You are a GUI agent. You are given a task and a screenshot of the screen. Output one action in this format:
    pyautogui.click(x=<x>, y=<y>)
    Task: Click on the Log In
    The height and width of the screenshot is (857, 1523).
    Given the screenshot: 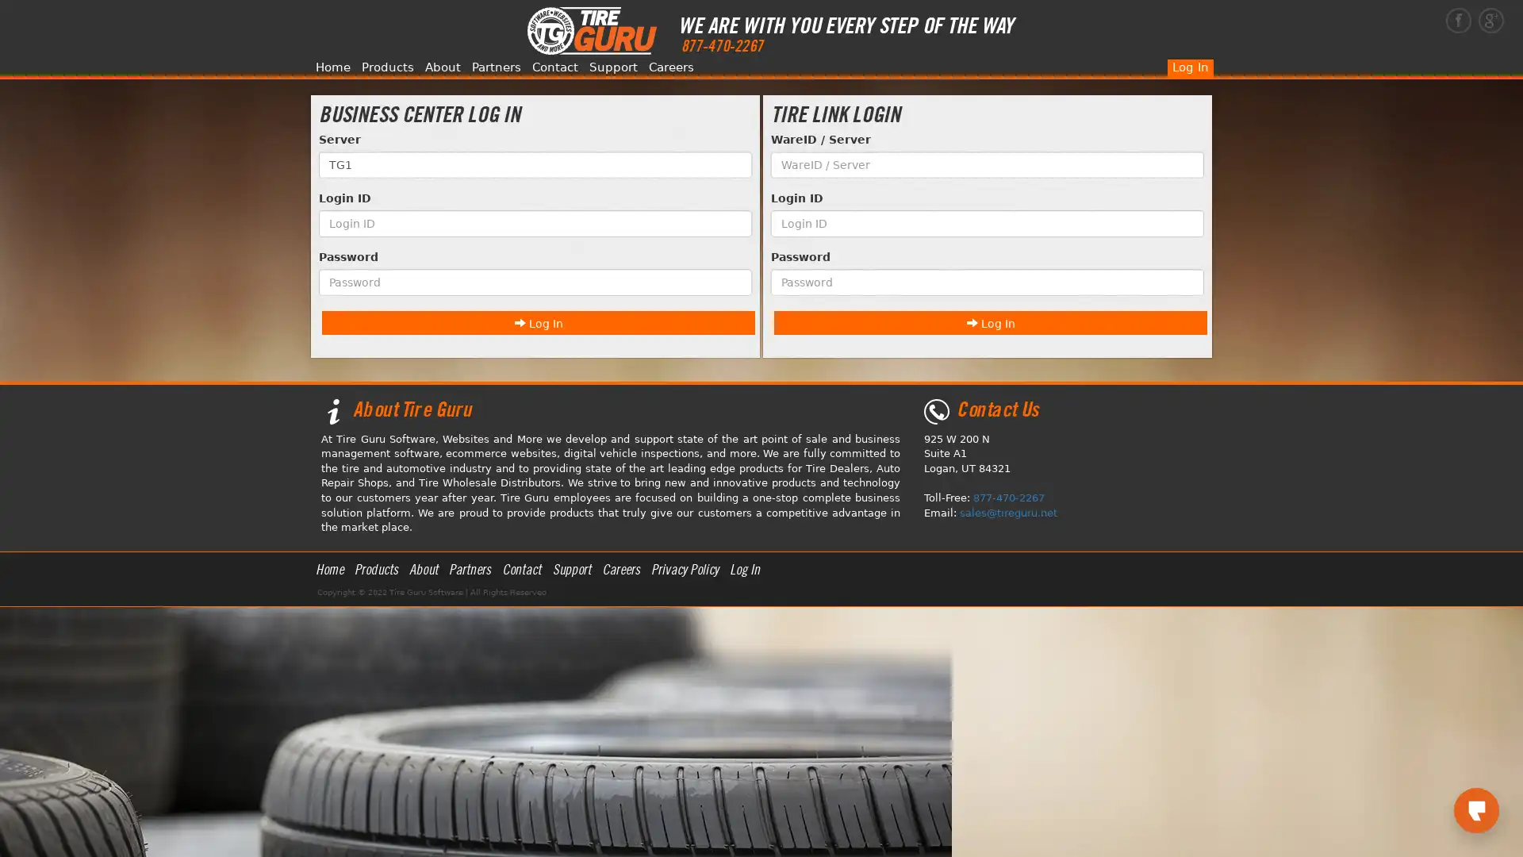 What is the action you would take?
    pyautogui.click(x=989, y=321)
    